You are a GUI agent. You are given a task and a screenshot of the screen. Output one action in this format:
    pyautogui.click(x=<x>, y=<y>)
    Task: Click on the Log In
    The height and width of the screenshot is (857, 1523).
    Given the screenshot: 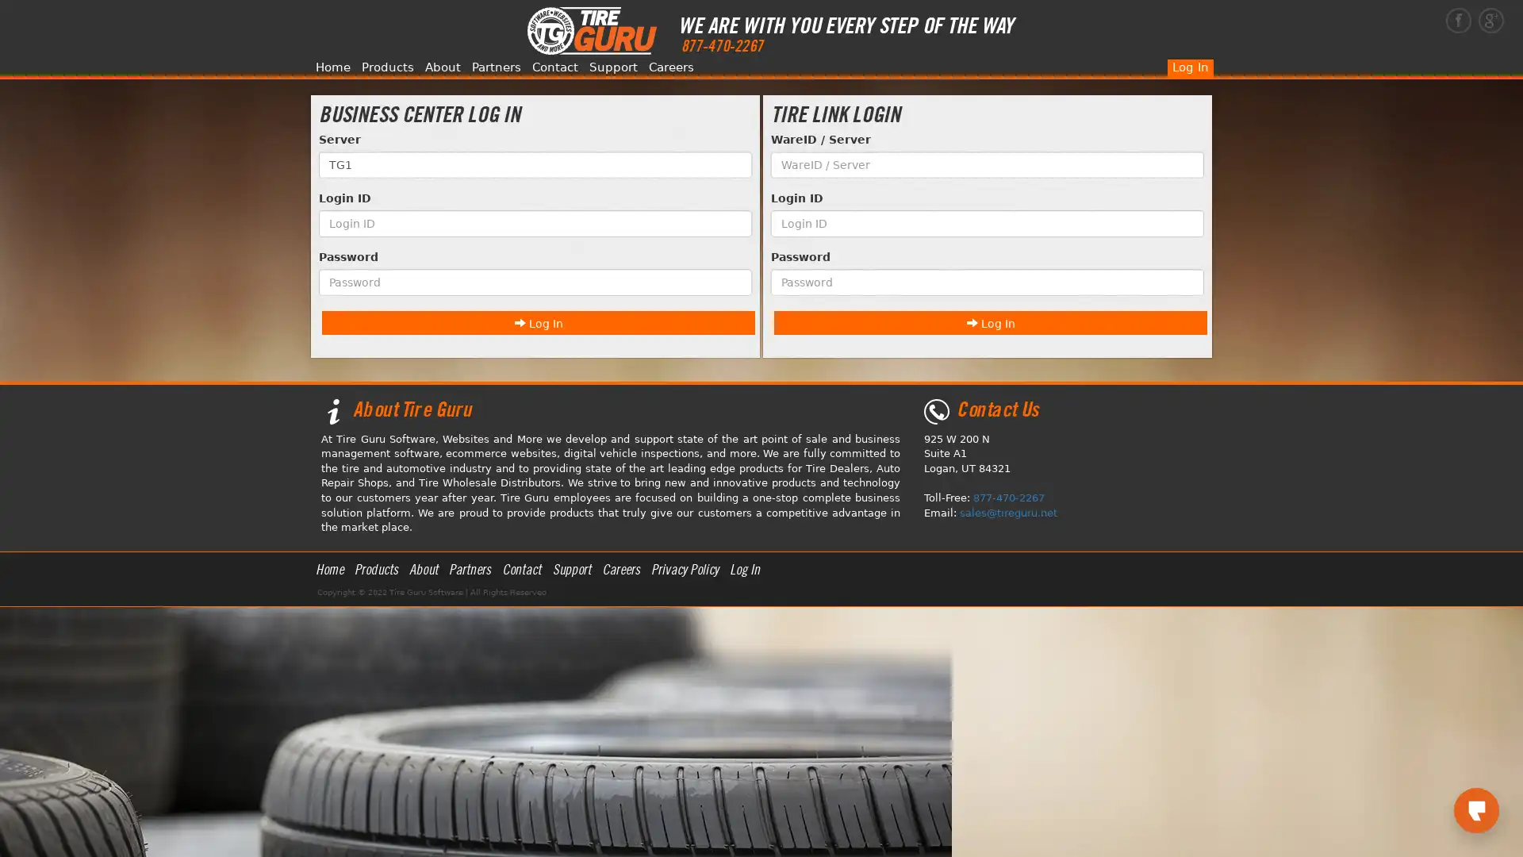 What is the action you would take?
    pyautogui.click(x=989, y=321)
    